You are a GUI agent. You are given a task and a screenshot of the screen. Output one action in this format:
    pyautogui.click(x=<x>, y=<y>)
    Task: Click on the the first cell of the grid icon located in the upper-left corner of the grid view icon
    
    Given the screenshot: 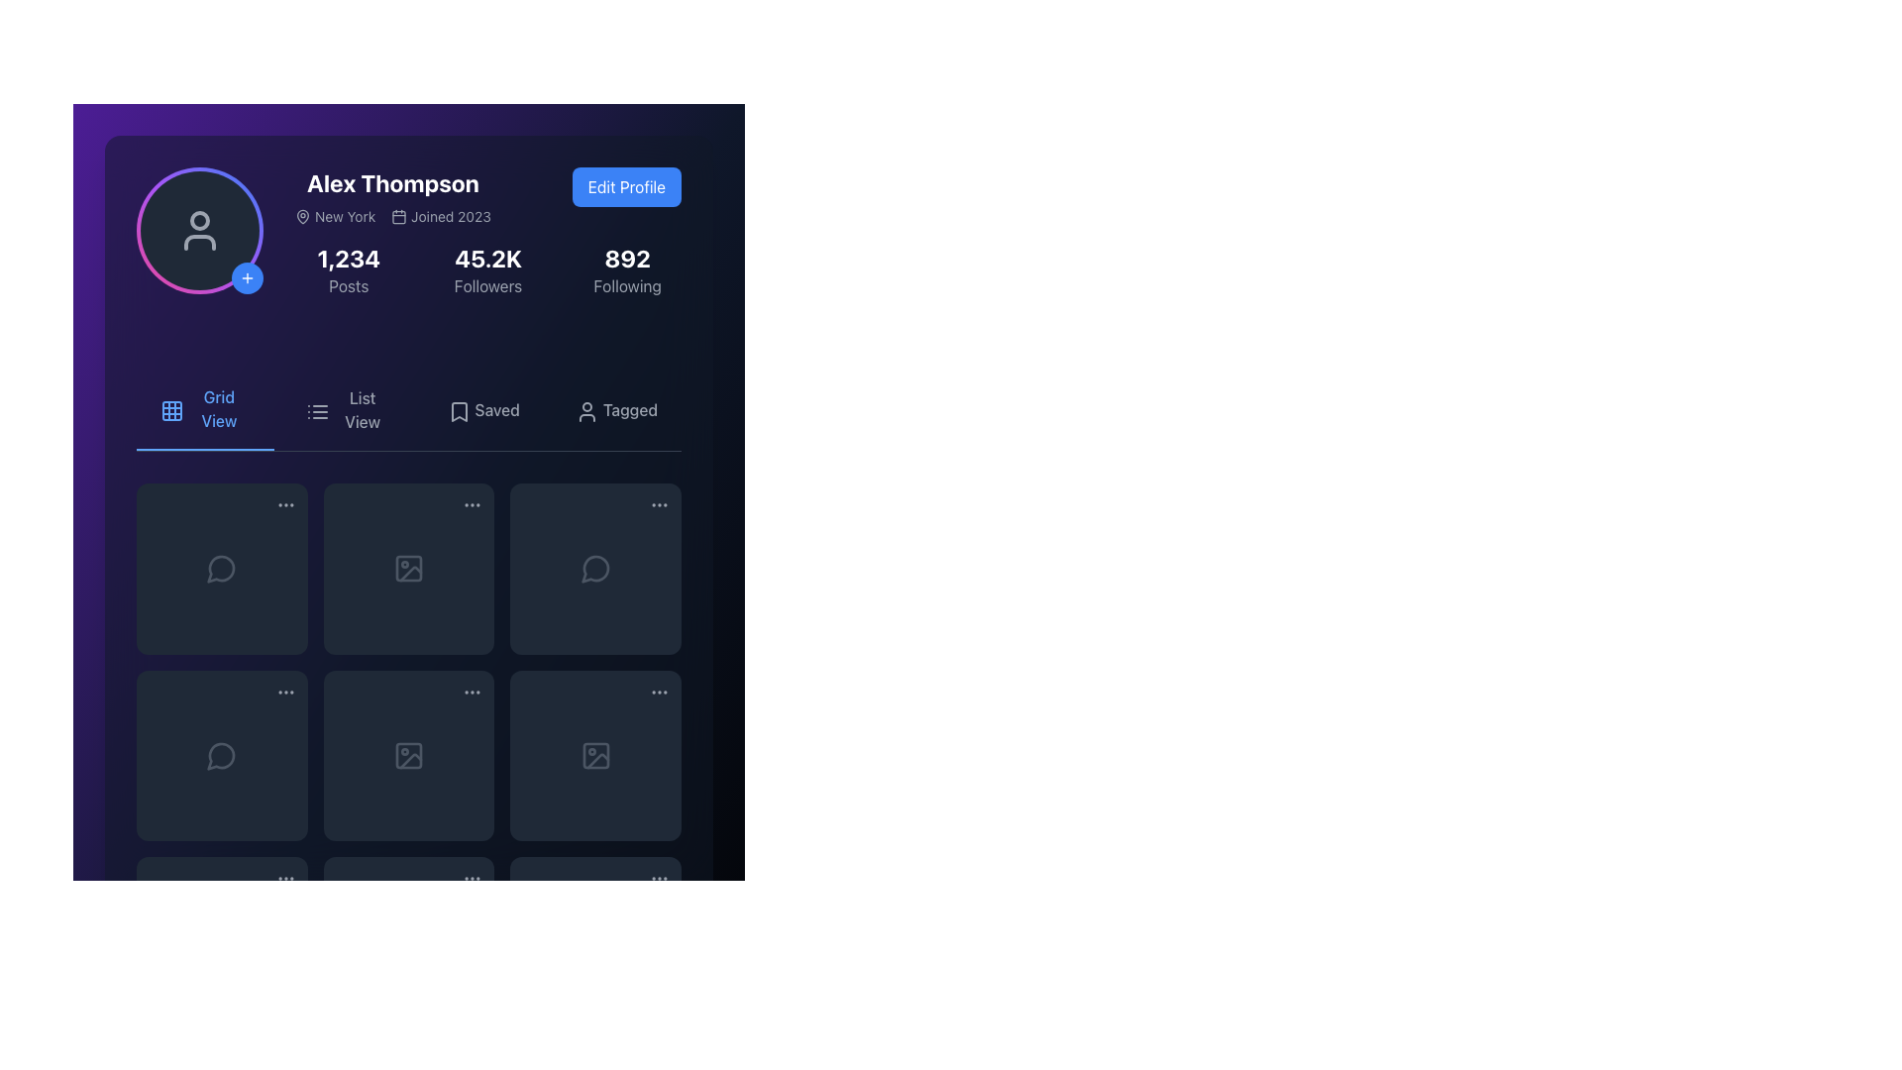 What is the action you would take?
    pyautogui.click(x=171, y=410)
    